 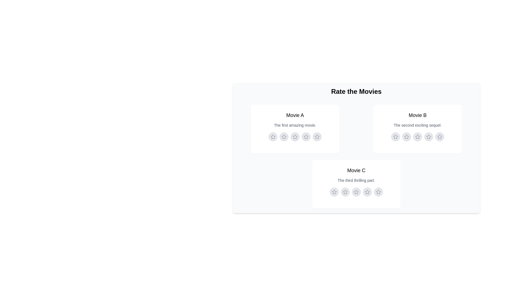 I want to click on the fifth rating star under 'Movie B', so click(x=439, y=137).